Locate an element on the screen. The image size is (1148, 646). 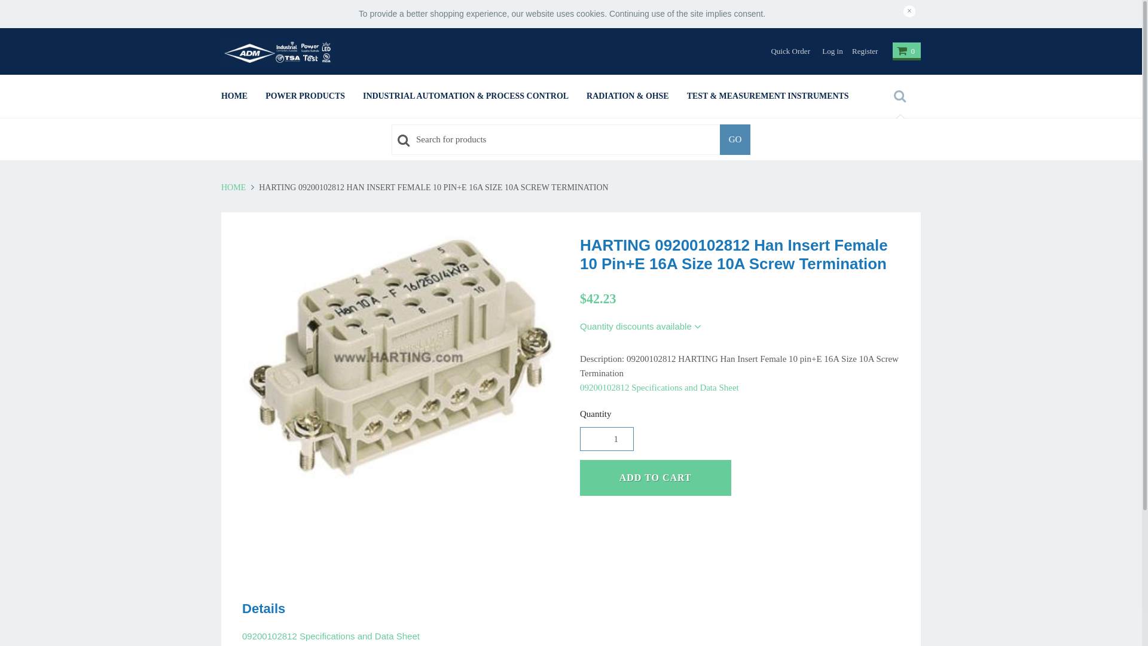
'ADD TO CART' is located at coordinates (655, 477).